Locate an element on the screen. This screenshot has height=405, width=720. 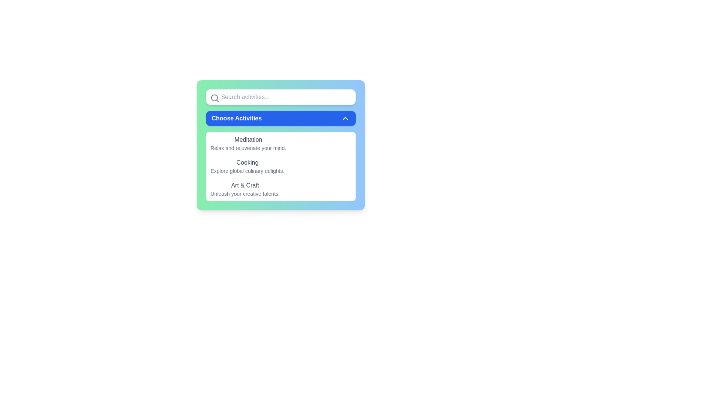
SVG circle element representing the inner part of the search icon for accessibility is located at coordinates (214, 97).